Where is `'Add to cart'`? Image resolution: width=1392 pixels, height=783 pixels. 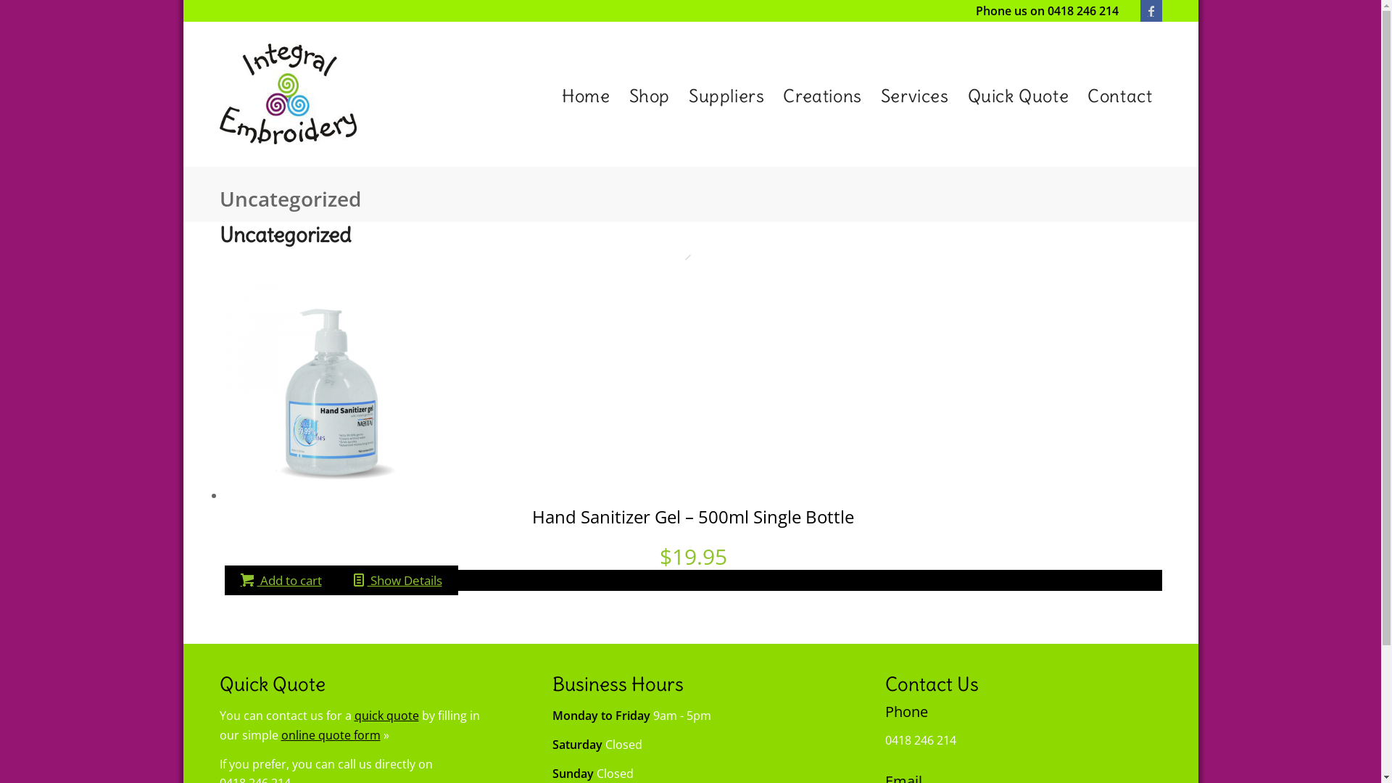
'Add to cart' is located at coordinates (224, 579).